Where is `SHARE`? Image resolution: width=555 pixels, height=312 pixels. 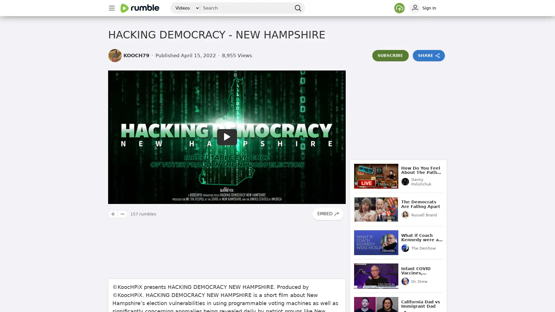 SHARE is located at coordinates (429, 55).